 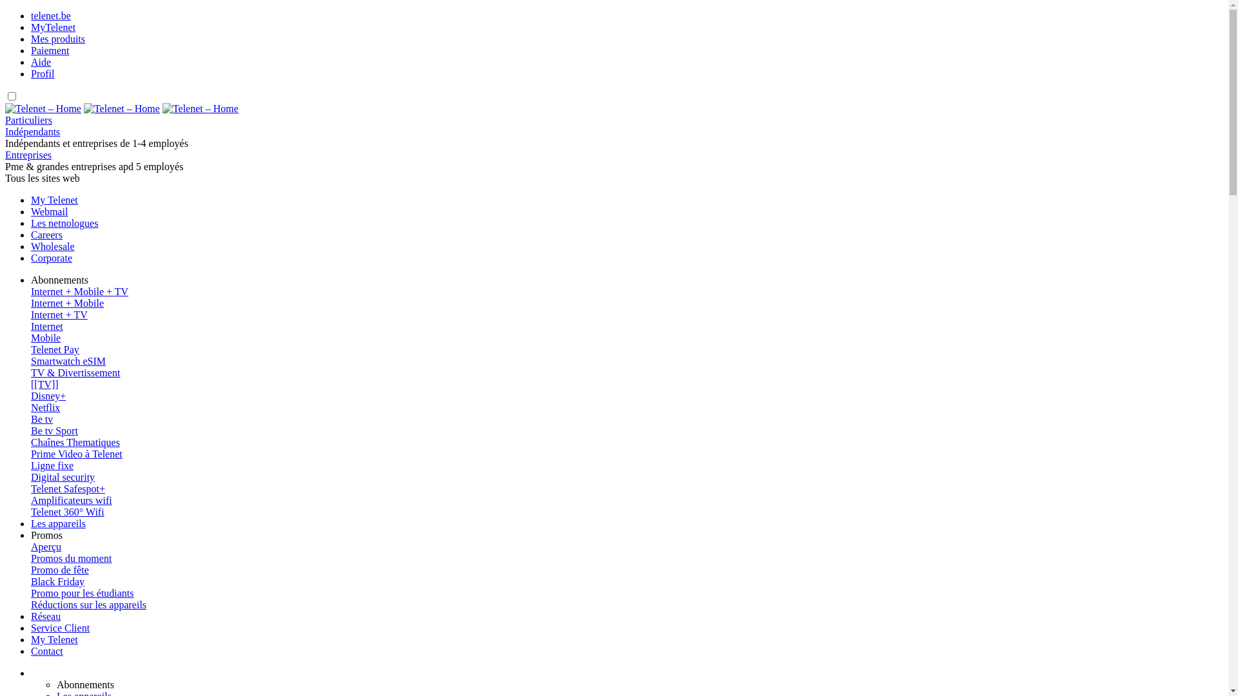 What do you see at coordinates (31, 395) in the screenshot?
I see `'Disney+'` at bounding box center [31, 395].